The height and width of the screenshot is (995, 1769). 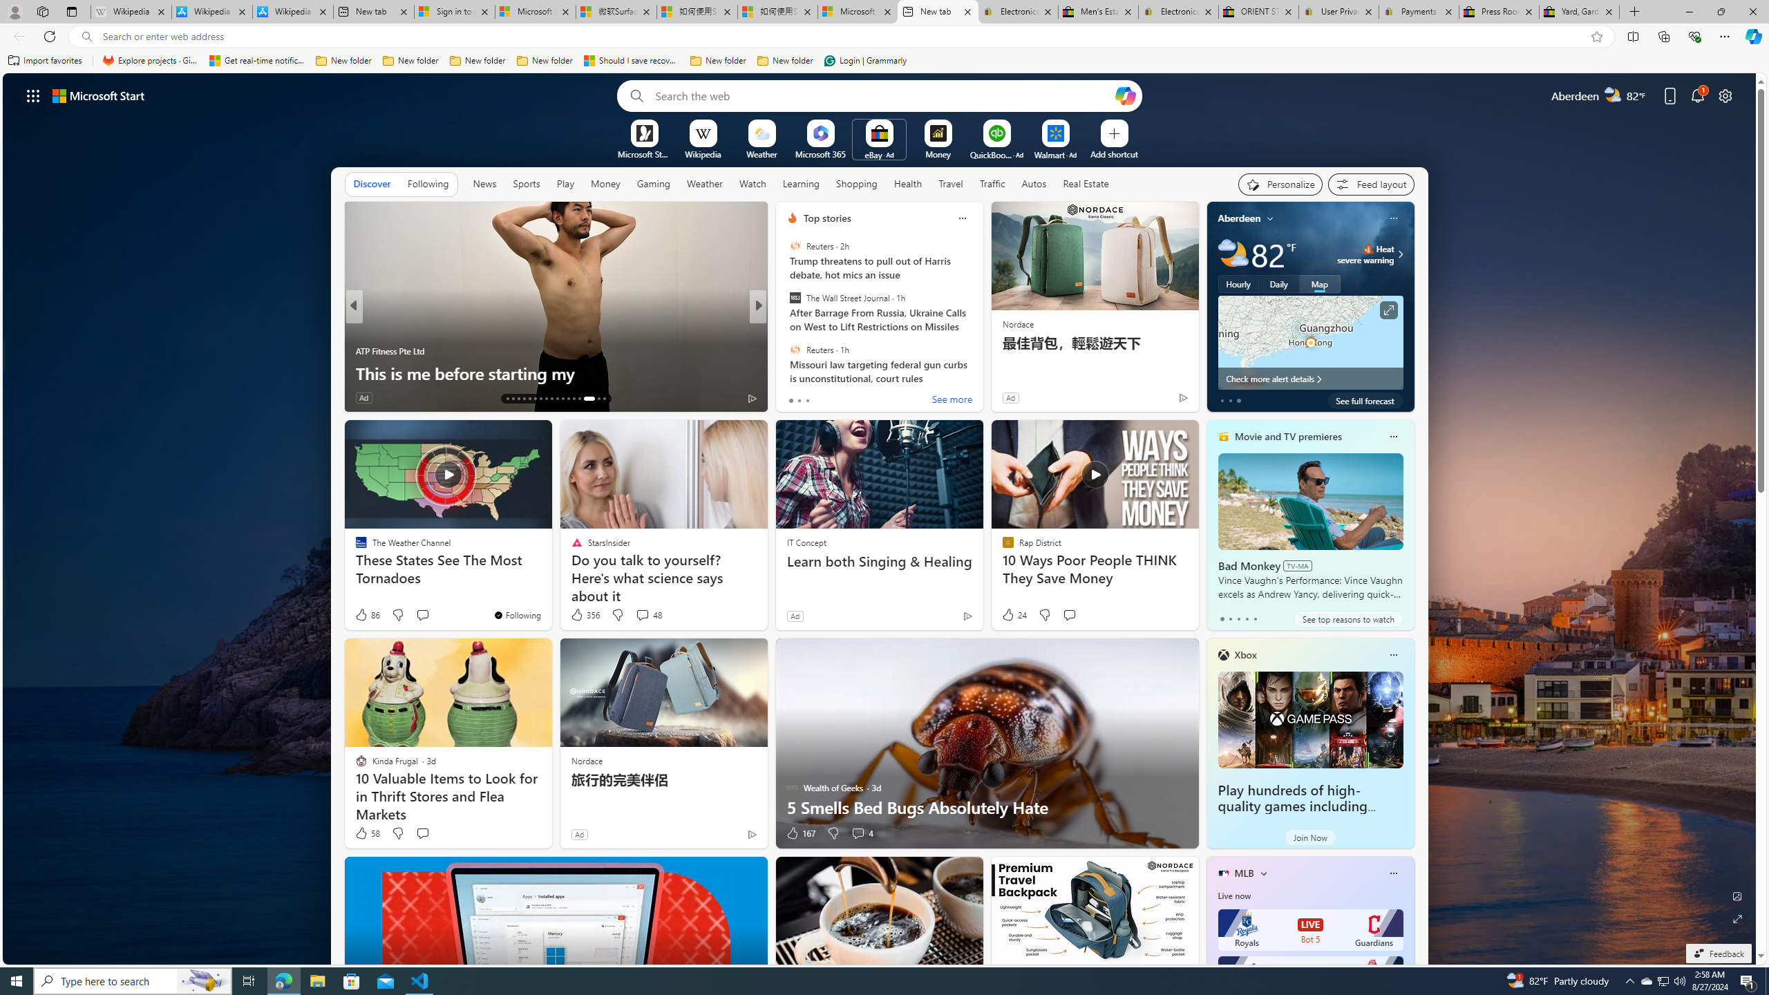 I want to click on 'AutomationID: tab-13', so click(x=507, y=399).